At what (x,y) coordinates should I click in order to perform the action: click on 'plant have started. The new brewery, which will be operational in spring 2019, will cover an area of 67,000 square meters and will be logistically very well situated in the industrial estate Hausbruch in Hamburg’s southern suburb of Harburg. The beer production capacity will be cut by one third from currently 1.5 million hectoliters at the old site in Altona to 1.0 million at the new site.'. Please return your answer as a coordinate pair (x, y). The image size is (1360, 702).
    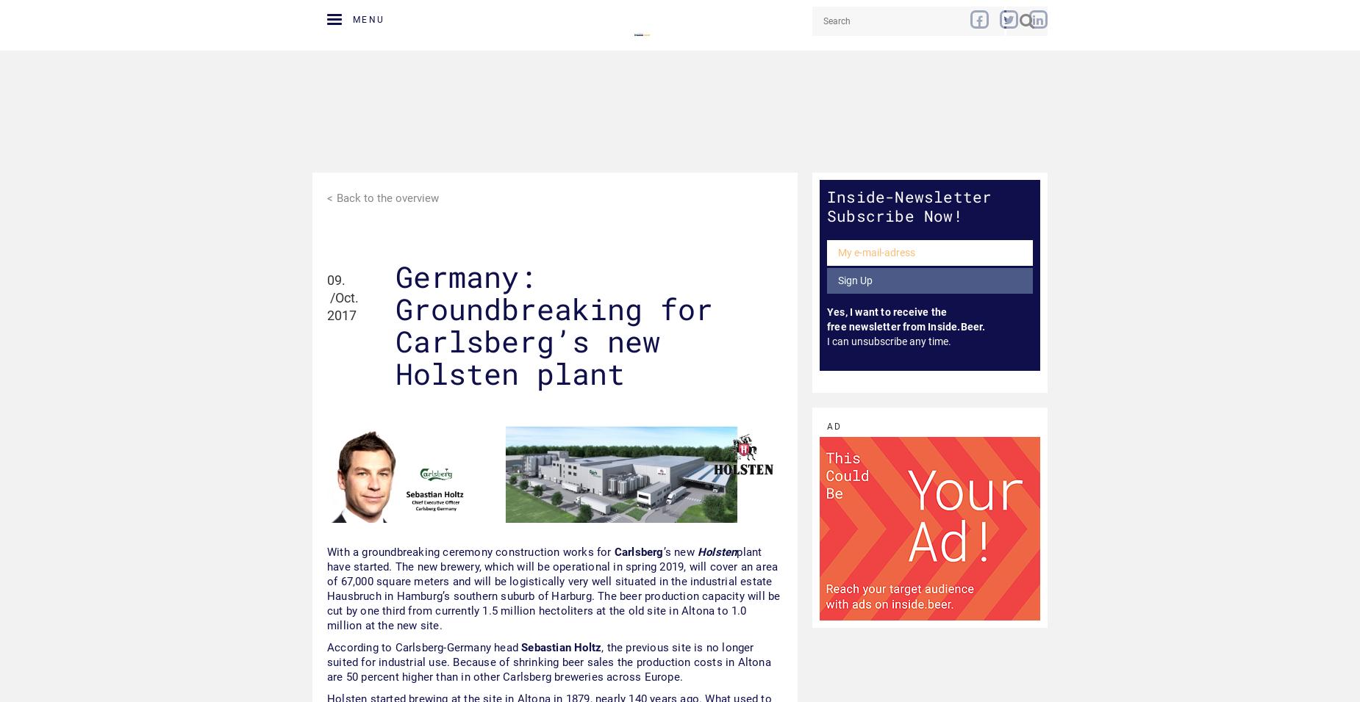
    Looking at the image, I should click on (553, 587).